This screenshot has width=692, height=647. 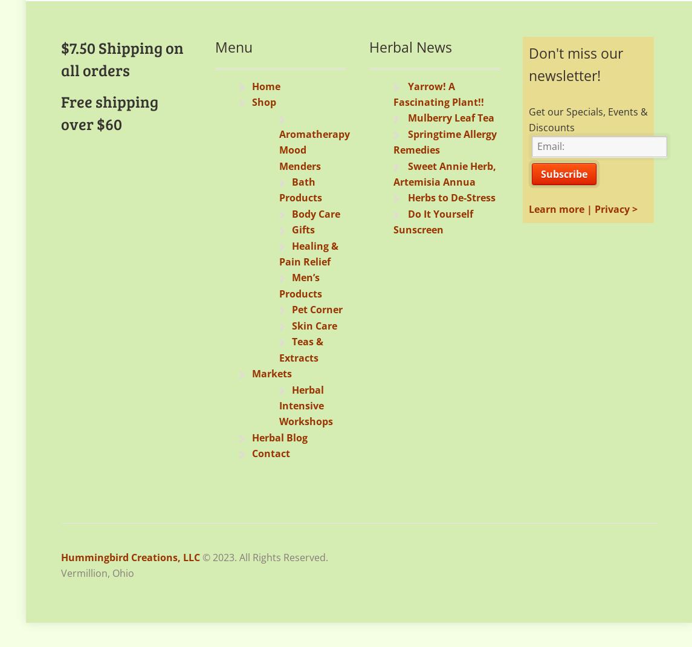 What do you see at coordinates (264, 556) in the screenshot?
I see `'© 2023. All Rights Reserved.'` at bounding box center [264, 556].